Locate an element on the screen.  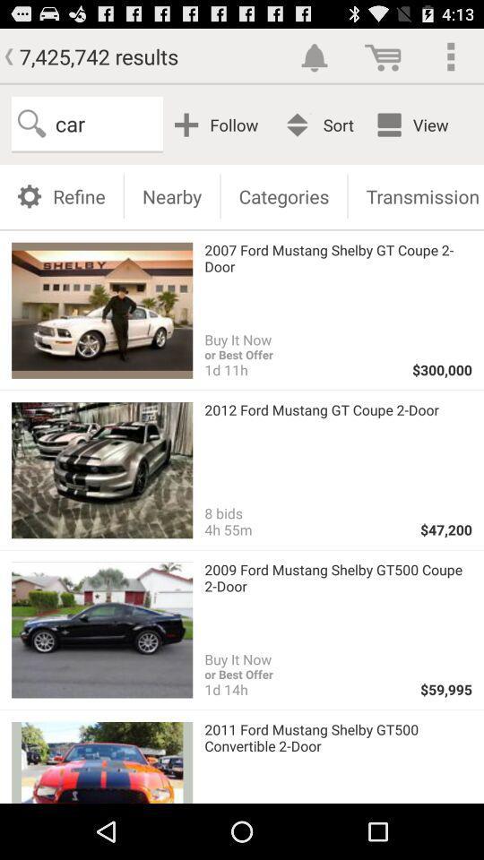
the refine is located at coordinates (60, 195).